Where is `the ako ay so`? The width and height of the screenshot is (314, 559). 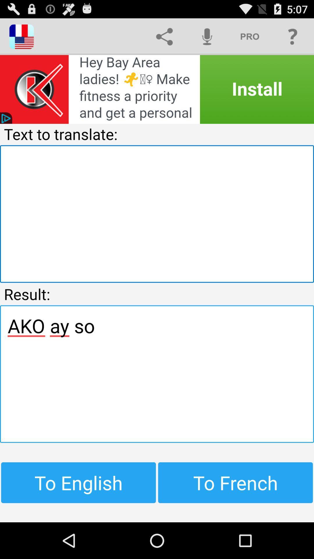 the ako ay so is located at coordinates (157, 374).